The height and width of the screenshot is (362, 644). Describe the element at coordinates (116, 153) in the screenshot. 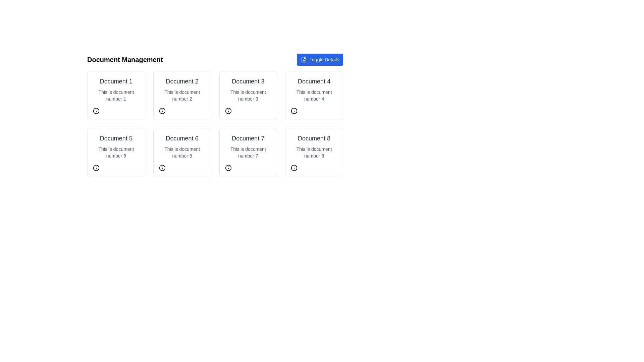

I see `the Text label providing additional descriptive information about 'Document 5', located in the second row, first column of the grid layout` at that location.